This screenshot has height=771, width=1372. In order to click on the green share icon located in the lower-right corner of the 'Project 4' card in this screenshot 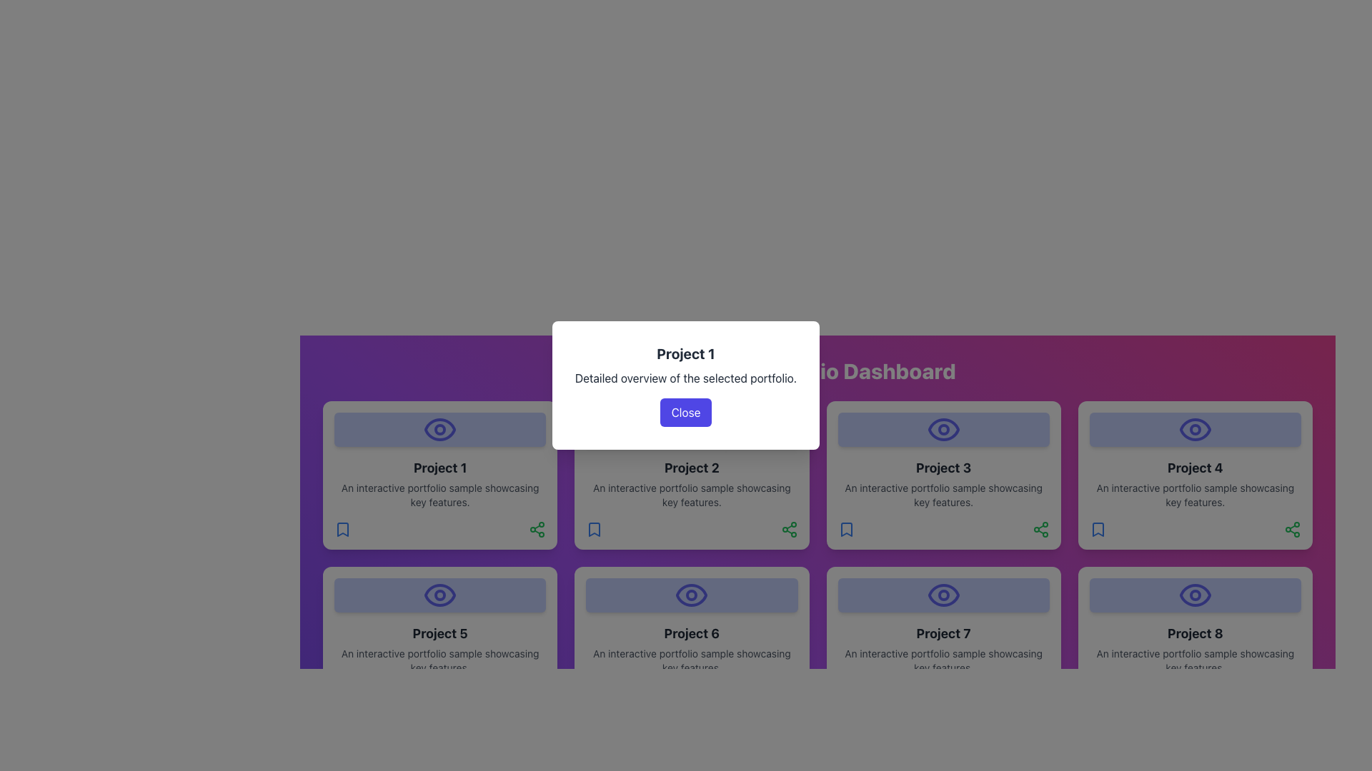, I will do `click(1293, 529)`.